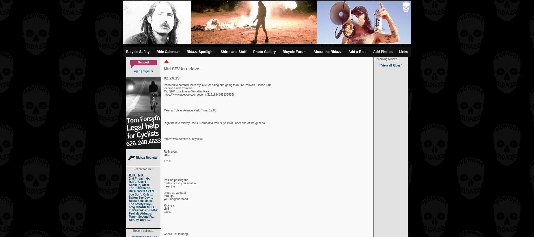 This screenshot has width=534, height=237. Describe the element at coordinates (167, 161) in the screenshot. I see `'12:30'` at that location.